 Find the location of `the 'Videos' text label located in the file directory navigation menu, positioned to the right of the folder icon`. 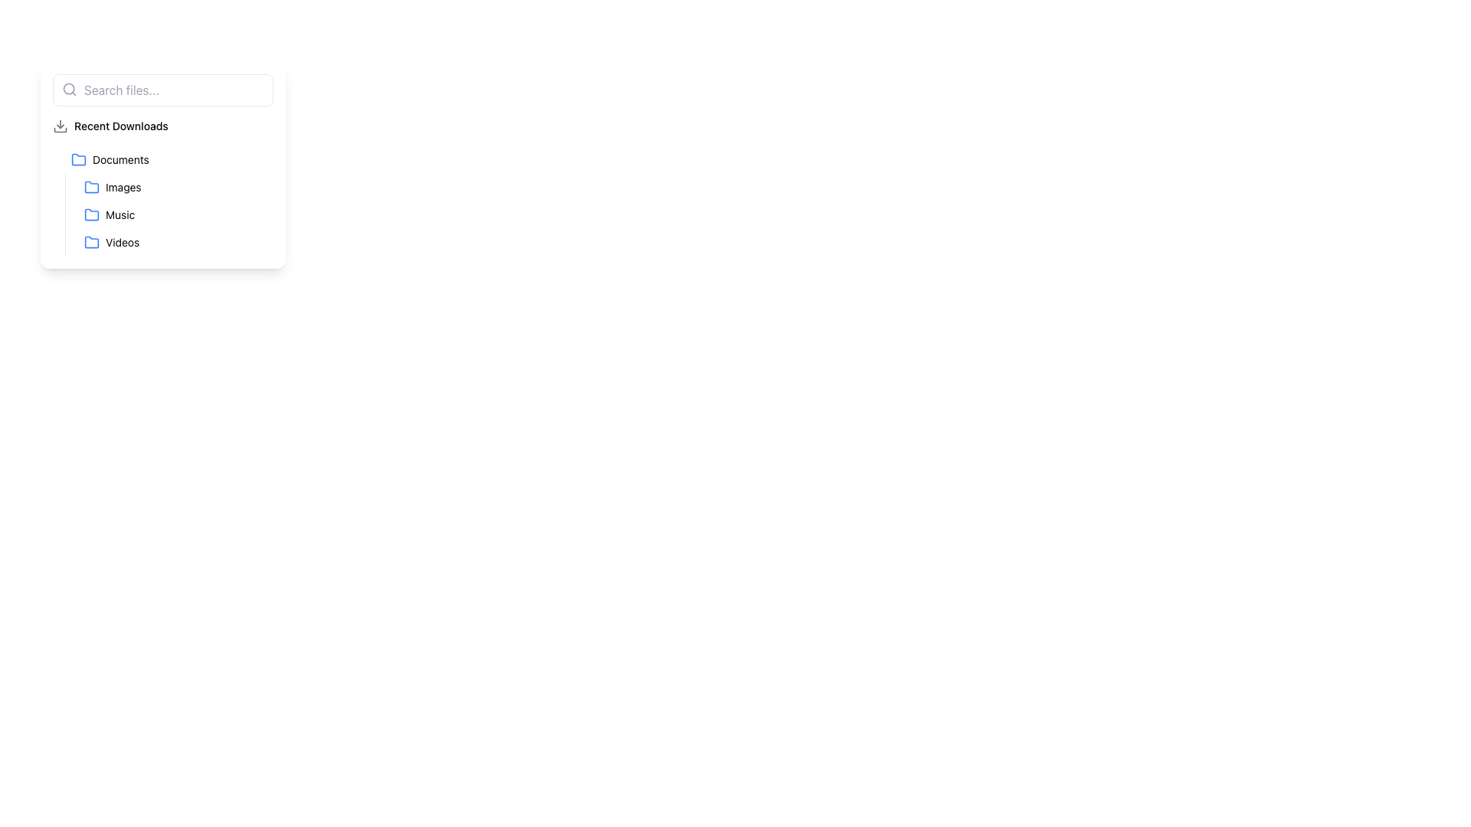

the 'Videos' text label located in the file directory navigation menu, positioned to the right of the folder icon is located at coordinates (123, 241).